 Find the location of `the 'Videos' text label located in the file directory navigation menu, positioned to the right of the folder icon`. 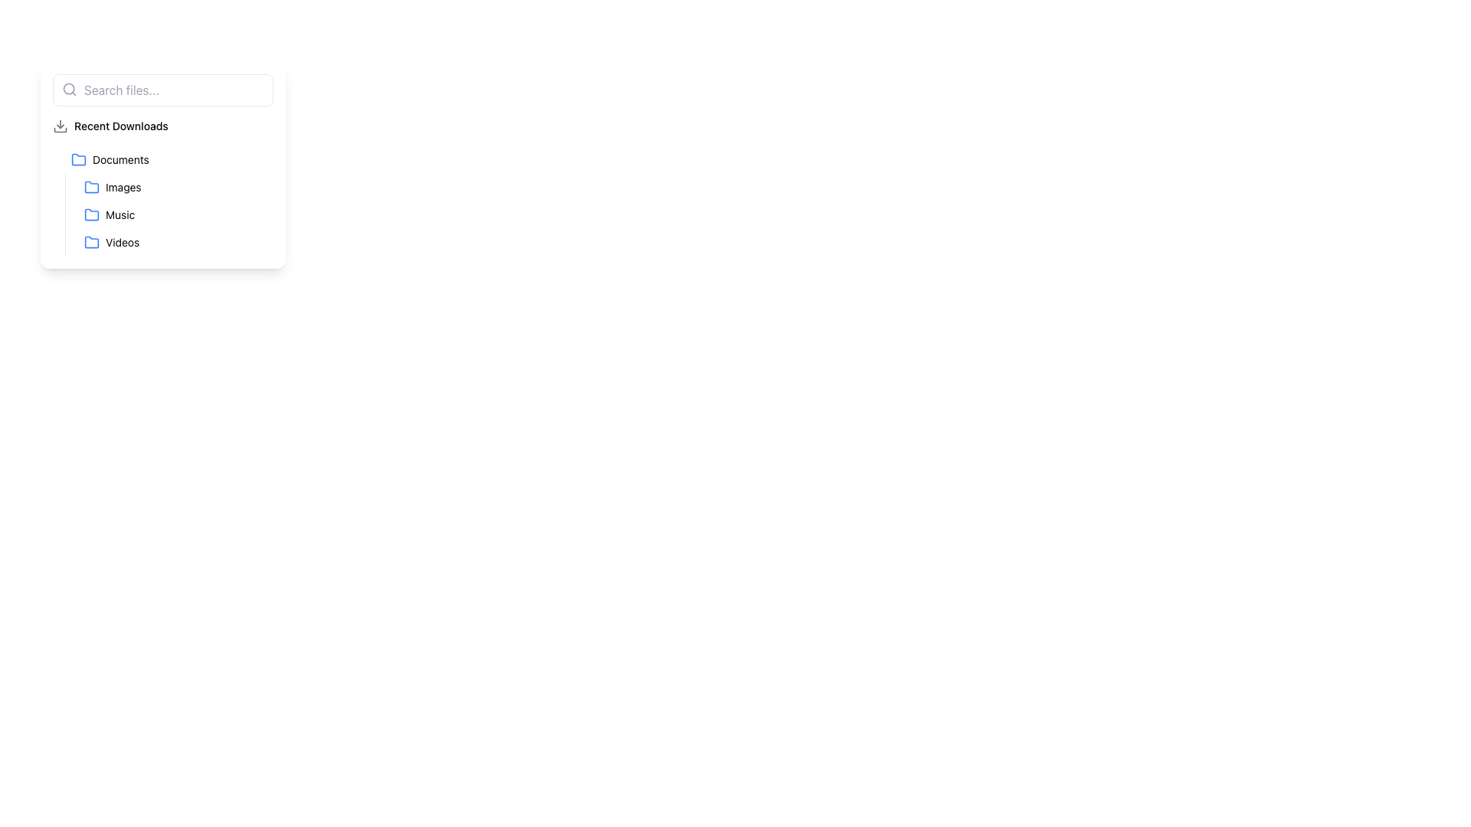

the 'Videos' text label located in the file directory navigation menu, positioned to the right of the folder icon is located at coordinates (123, 241).